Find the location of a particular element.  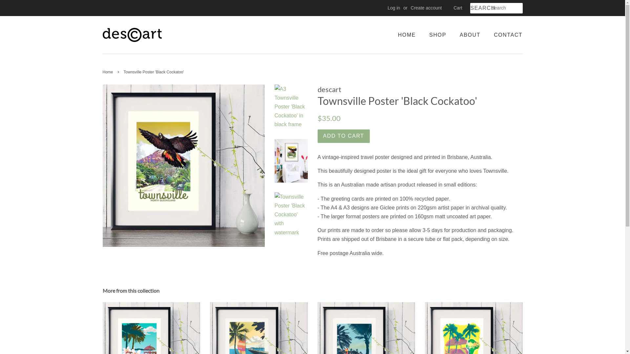

'SHOP' is located at coordinates (424, 35).